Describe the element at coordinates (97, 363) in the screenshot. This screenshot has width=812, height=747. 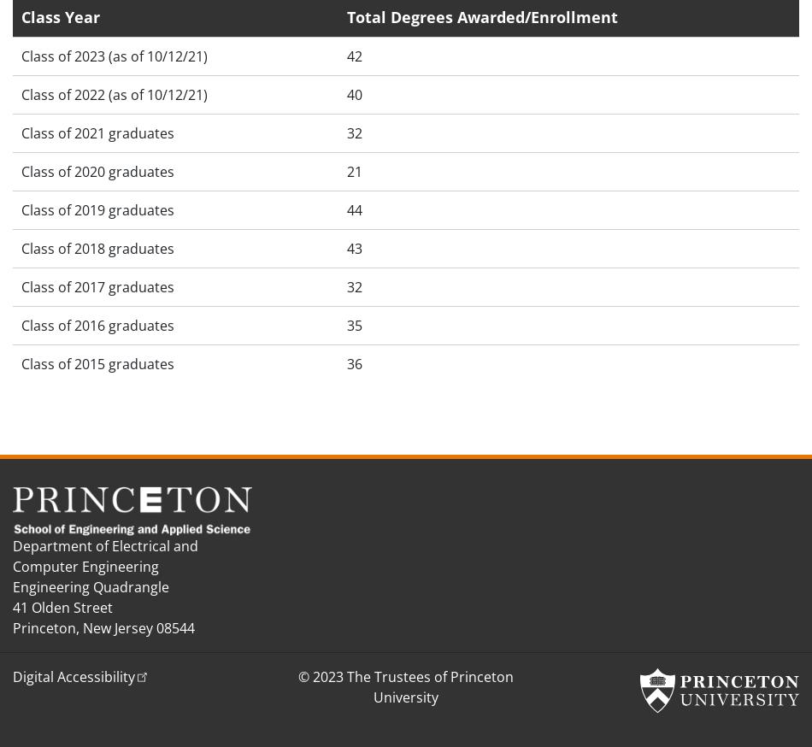
I see `'Class of 2015 graduates'` at that location.